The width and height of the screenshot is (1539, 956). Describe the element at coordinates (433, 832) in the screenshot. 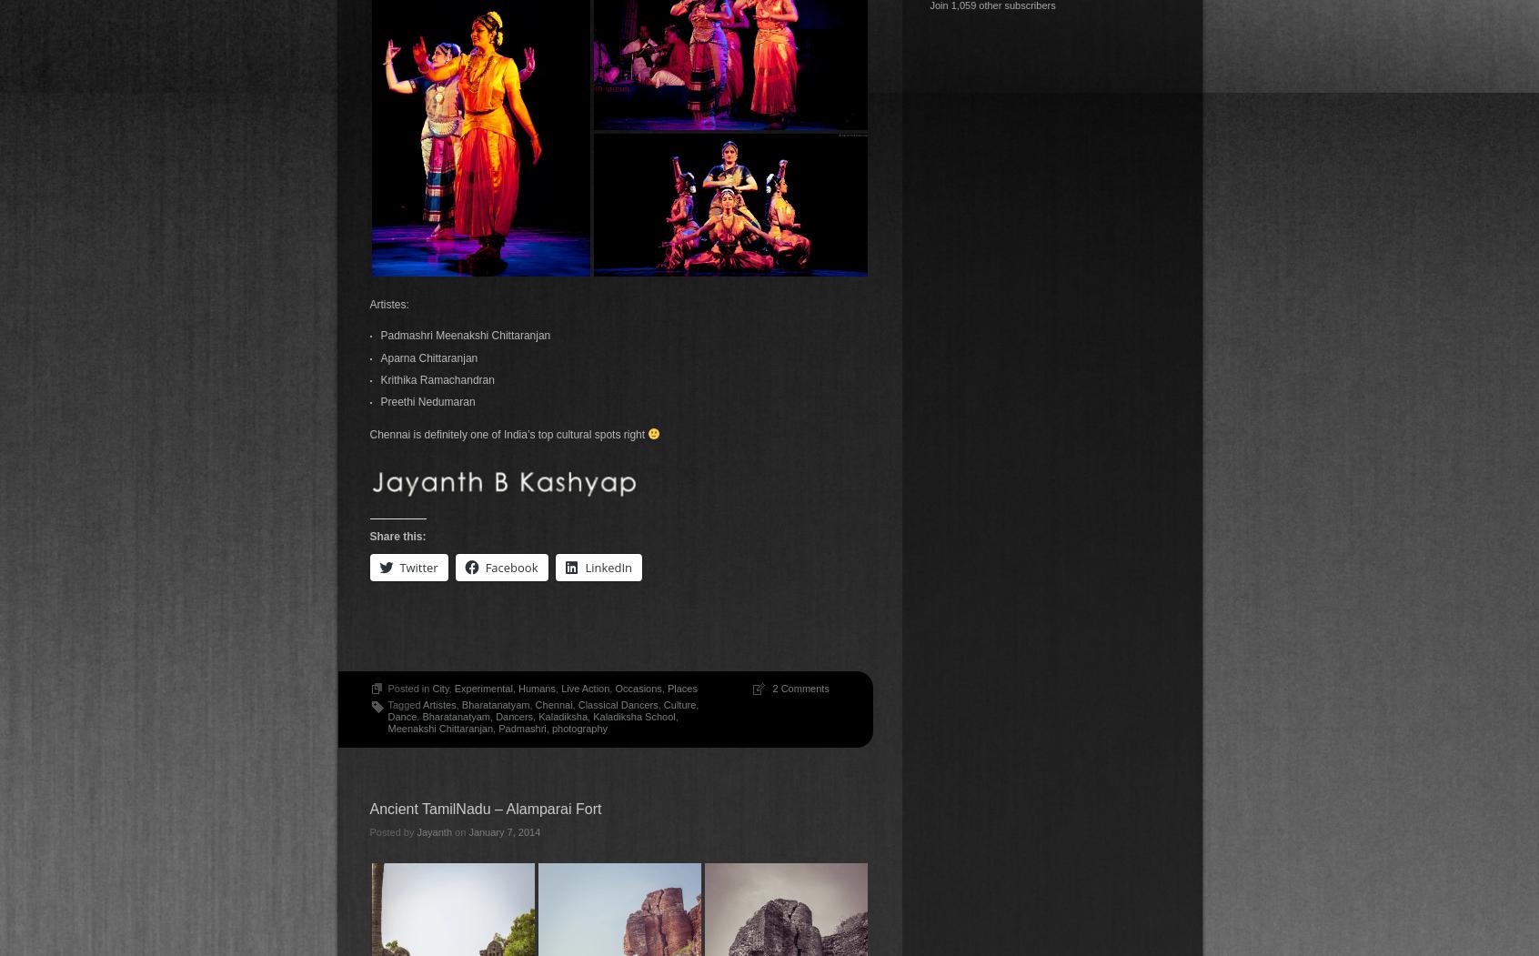

I see `'Jayanth'` at that location.